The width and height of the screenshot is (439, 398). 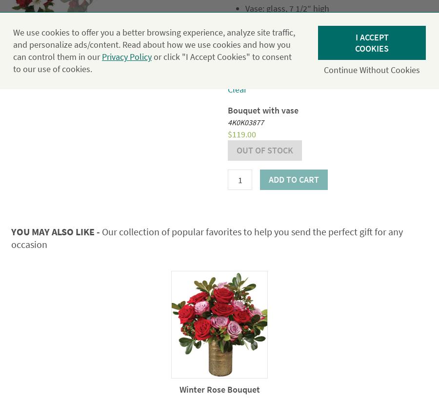 I want to click on '4K0K03877', so click(x=227, y=122).